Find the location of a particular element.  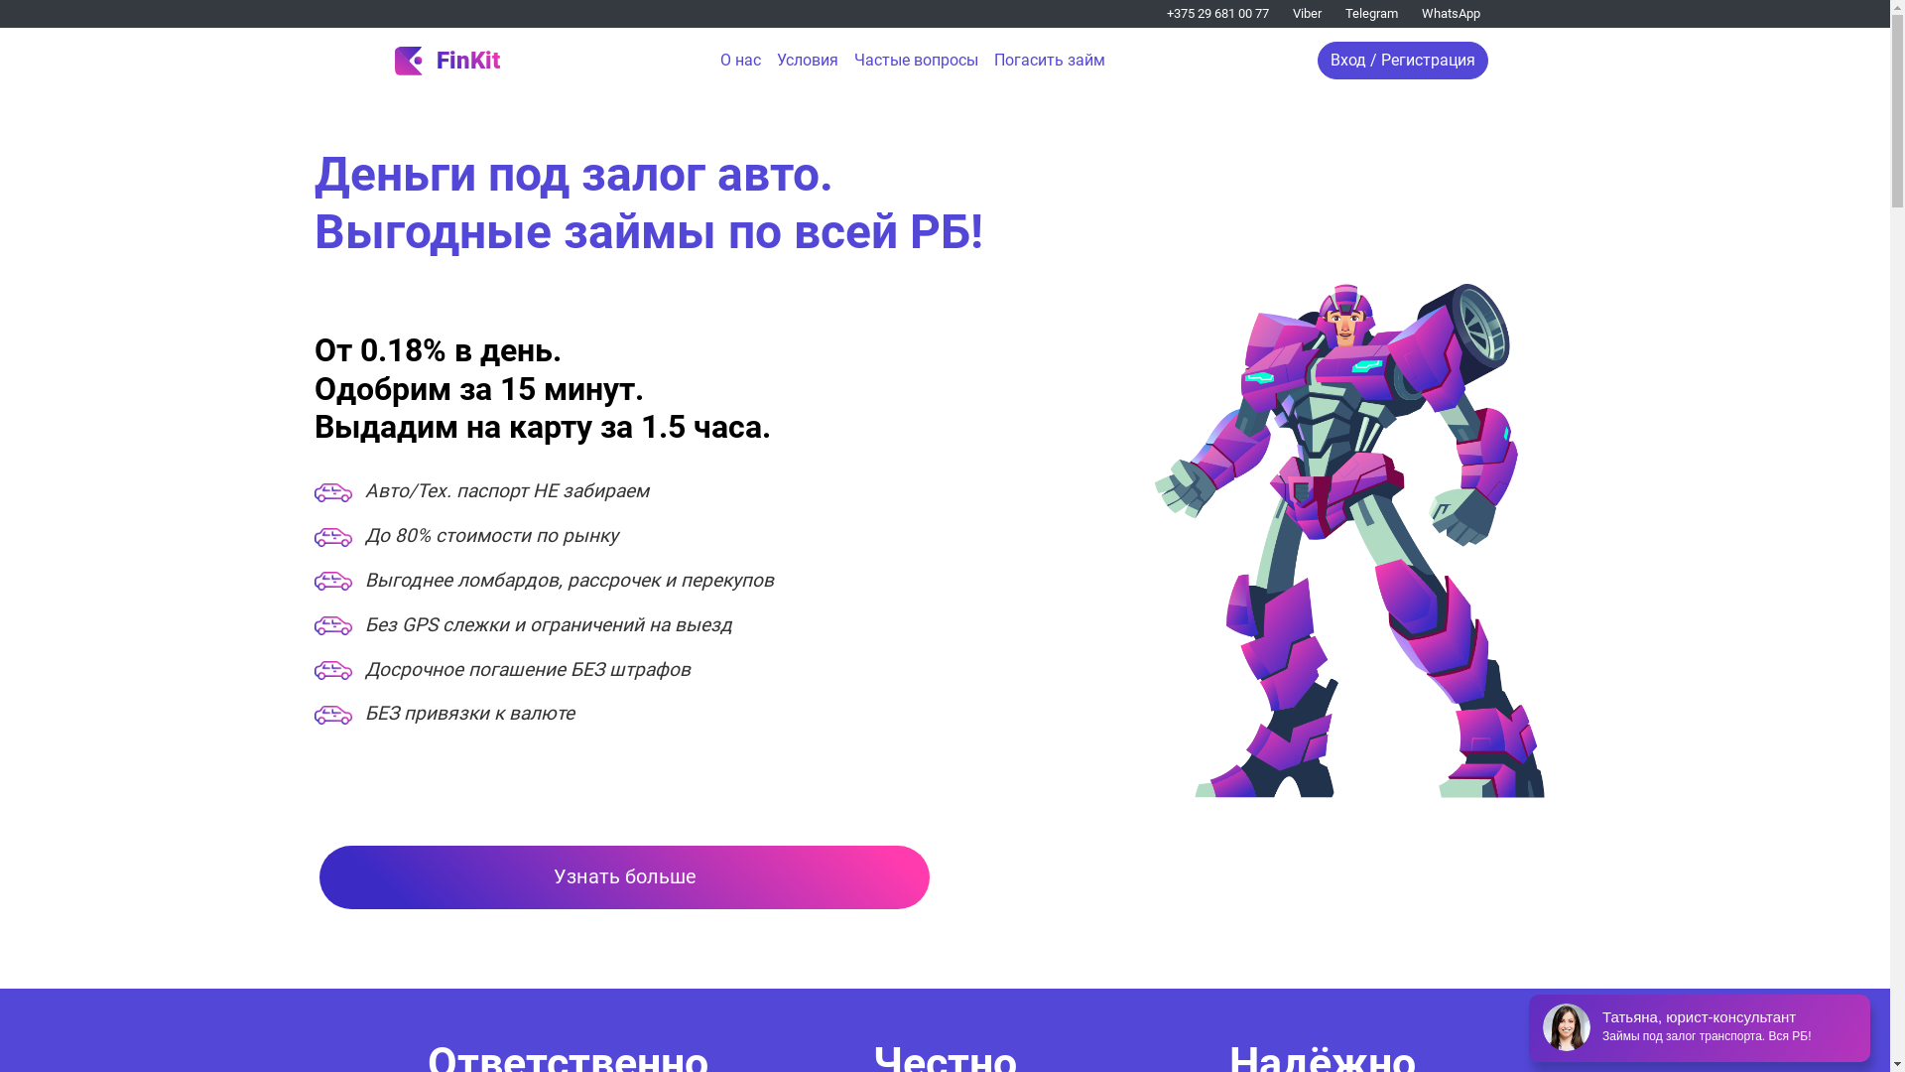

'FinKit' is located at coordinates (395, 60).